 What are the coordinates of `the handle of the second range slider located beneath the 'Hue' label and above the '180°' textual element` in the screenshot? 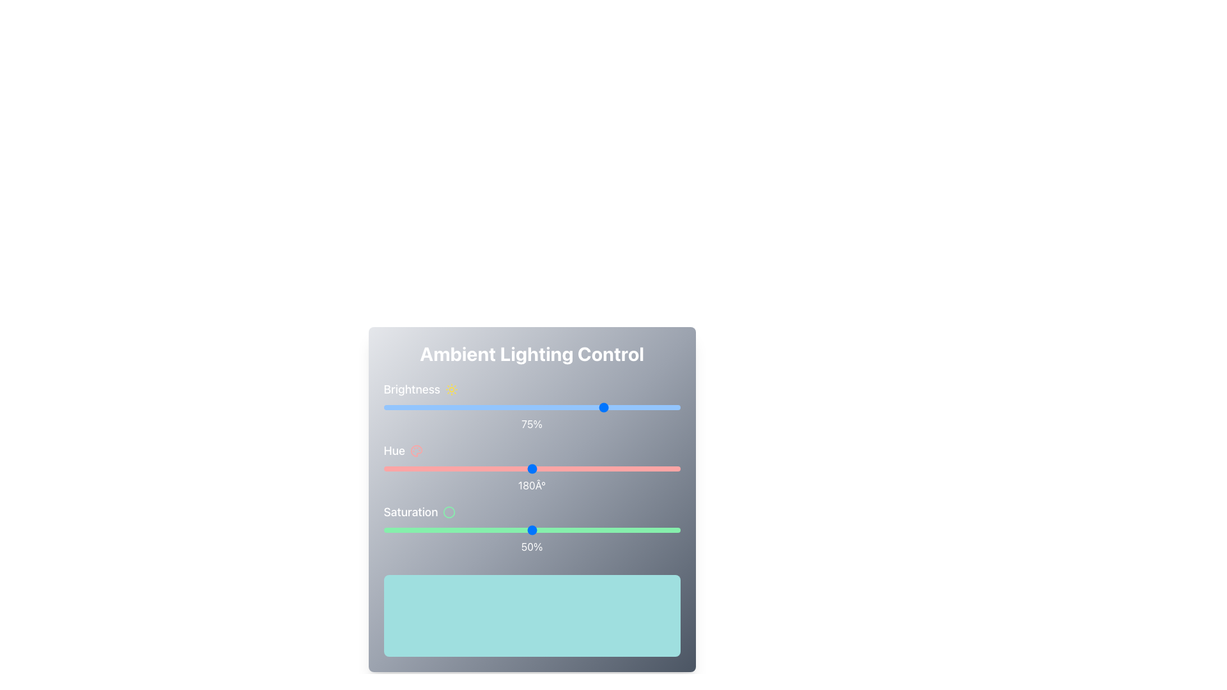 It's located at (532, 468).